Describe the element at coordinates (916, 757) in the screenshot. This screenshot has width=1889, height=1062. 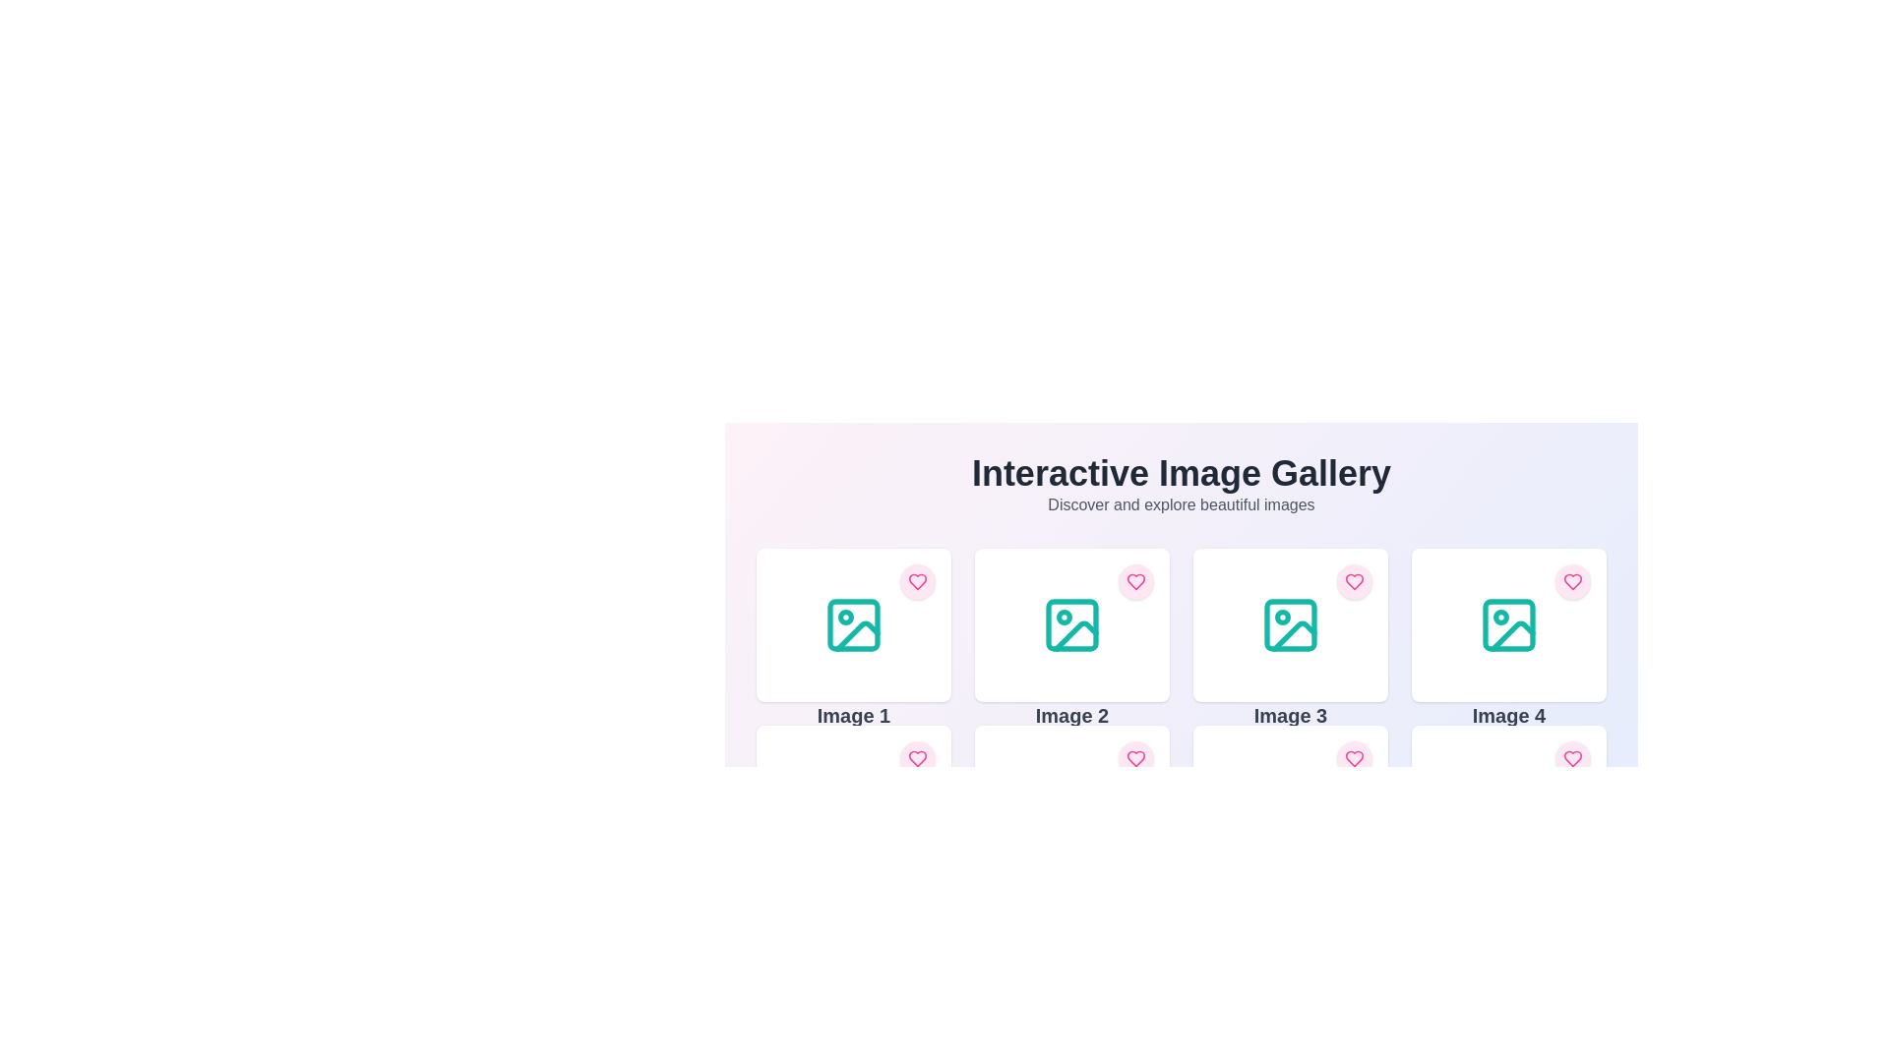
I see `the circular button with a pink background and heart icon located in the top-right corner of the white card` at that location.